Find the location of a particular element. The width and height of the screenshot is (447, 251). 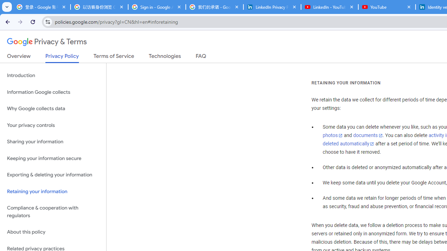

'Your privacy controls' is located at coordinates (53, 125).